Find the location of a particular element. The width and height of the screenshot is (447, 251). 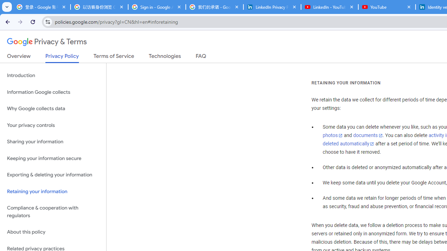

'Your privacy controls' is located at coordinates (53, 125).